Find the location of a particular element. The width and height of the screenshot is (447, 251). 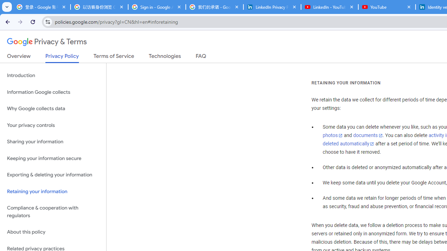

'Your privacy controls' is located at coordinates (53, 125).